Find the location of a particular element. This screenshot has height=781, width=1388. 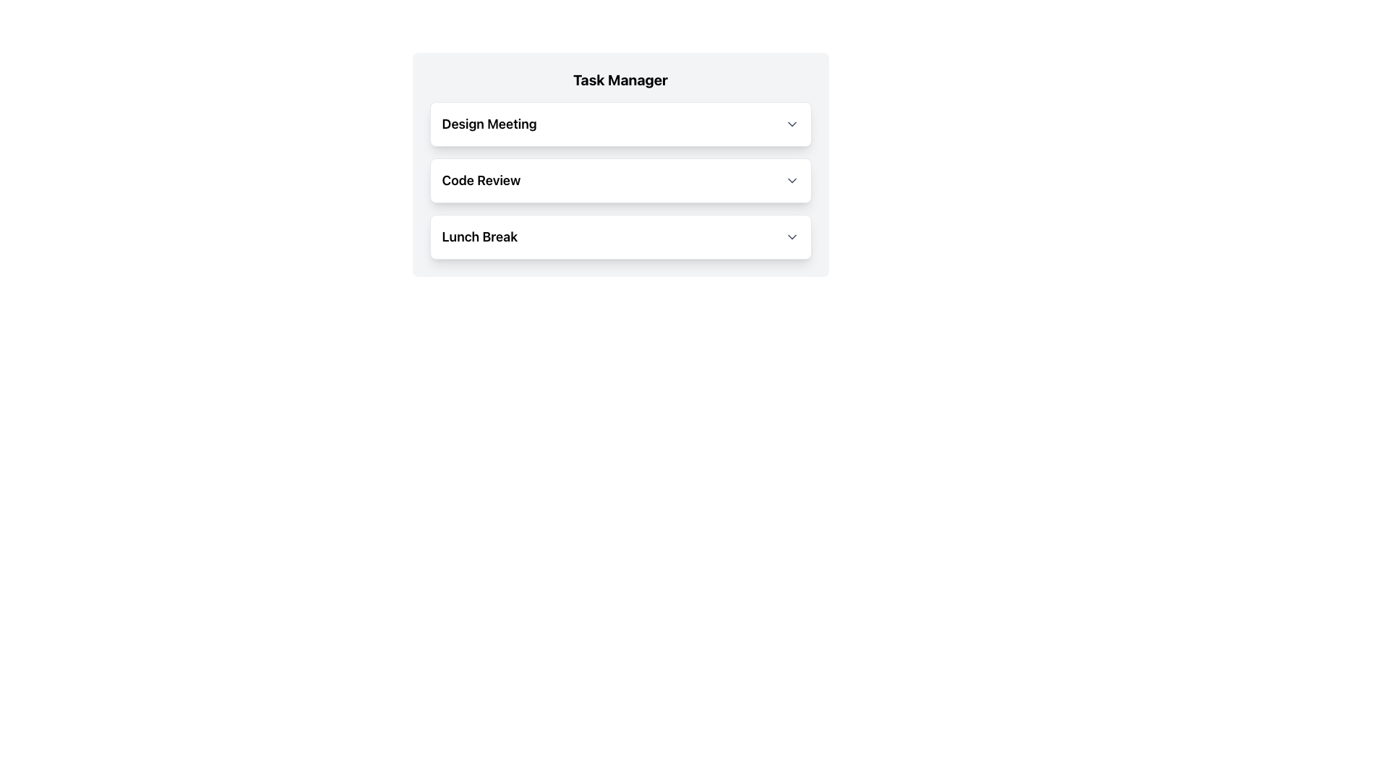

the dropdown icon located at the end of the 'Lunch Break' dropdown row is located at coordinates (791, 236).